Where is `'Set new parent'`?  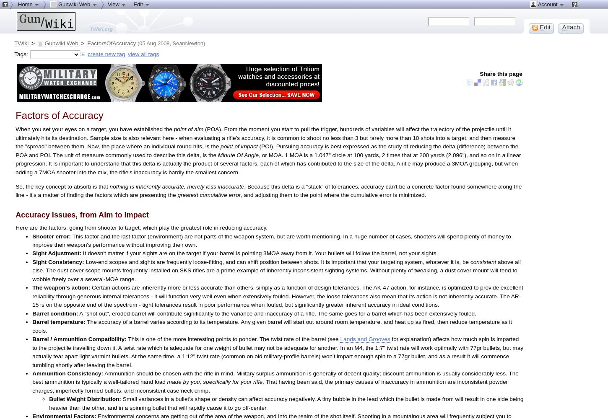
'Set new parent' is located at coordinates (151, 39).